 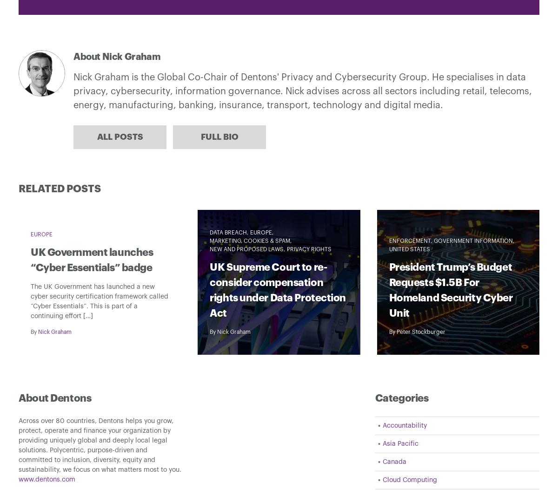 I want to click on 'RELATED POSTS', so click(x=60, y=189).